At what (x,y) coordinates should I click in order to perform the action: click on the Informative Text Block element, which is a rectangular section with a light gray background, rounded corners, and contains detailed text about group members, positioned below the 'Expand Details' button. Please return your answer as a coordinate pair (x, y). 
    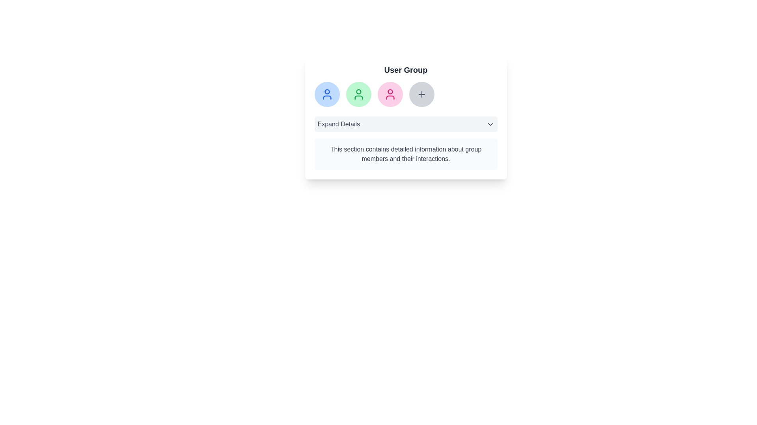
    Looking at the image, I should click on (406, 154).